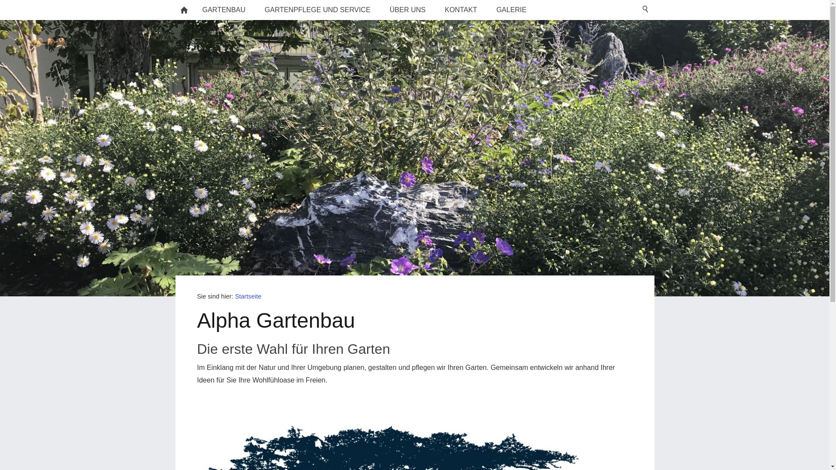 The width and height of the screenshot is (836, 470). I want to click on 'KONTAKT', so click(461, 10).